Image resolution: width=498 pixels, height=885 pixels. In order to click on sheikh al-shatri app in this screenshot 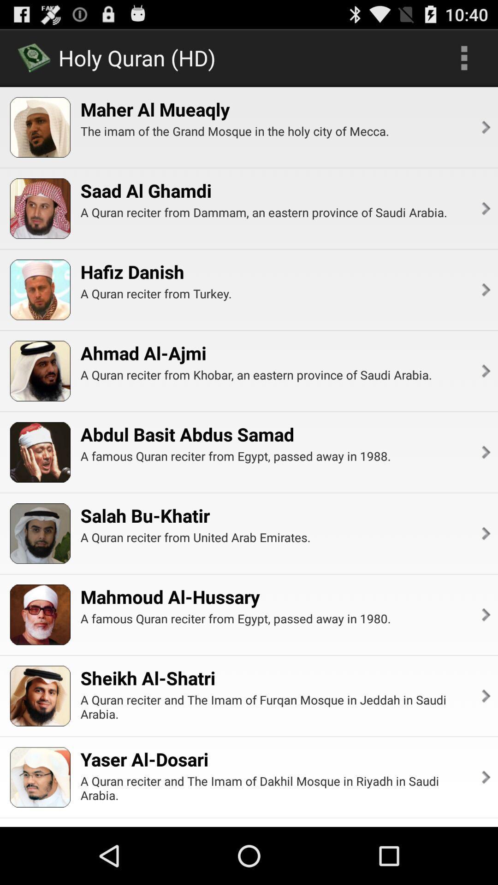, I will do `click(147, 678)`.